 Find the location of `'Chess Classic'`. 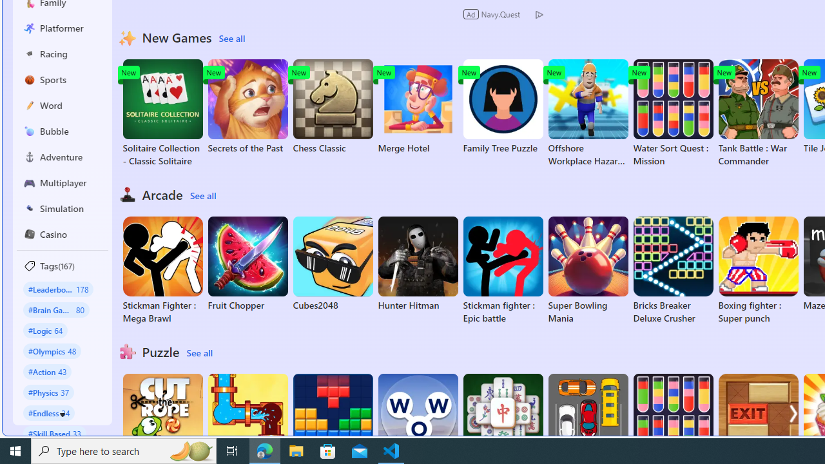

'Chess Classic' is located at coordinates (333, 106).